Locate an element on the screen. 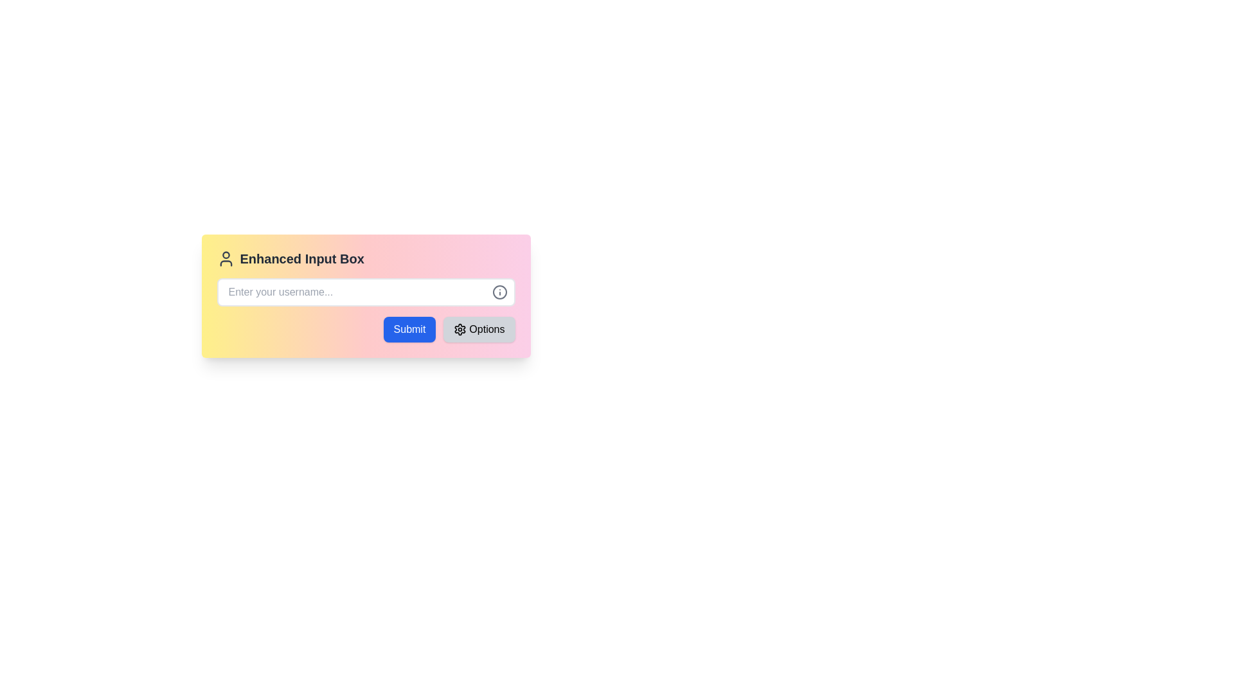  the circular icon with an outer rim and an inner vertical line located at the far right of the enhanced input box area, vertically aligned to the center of the input text field is located at coordinates (499, 292).